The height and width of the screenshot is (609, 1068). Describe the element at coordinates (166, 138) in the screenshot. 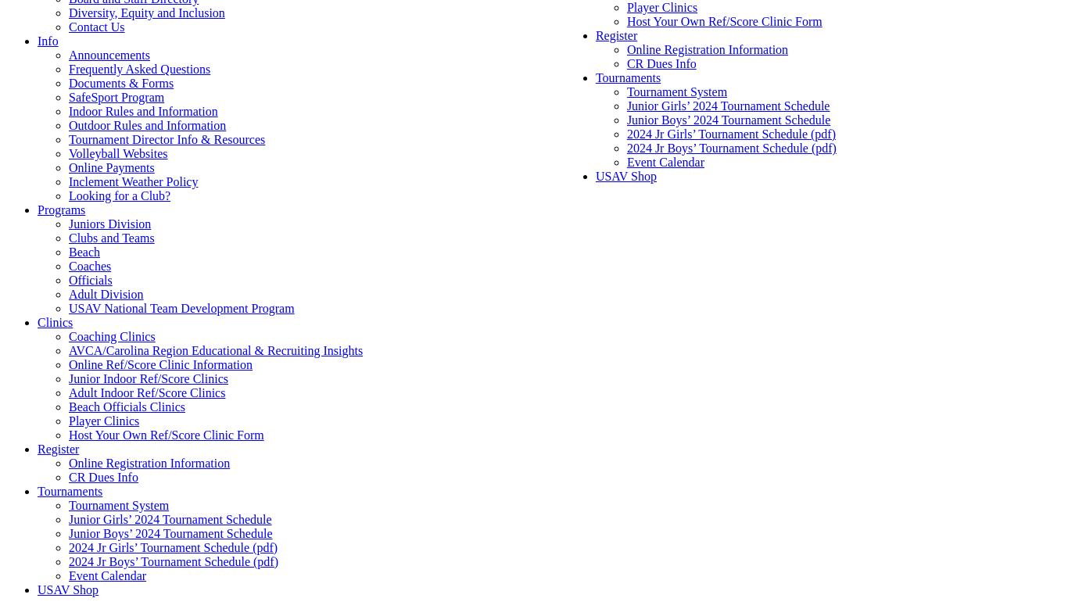

I see `'Tournament Director Info & Resources'` at that location.